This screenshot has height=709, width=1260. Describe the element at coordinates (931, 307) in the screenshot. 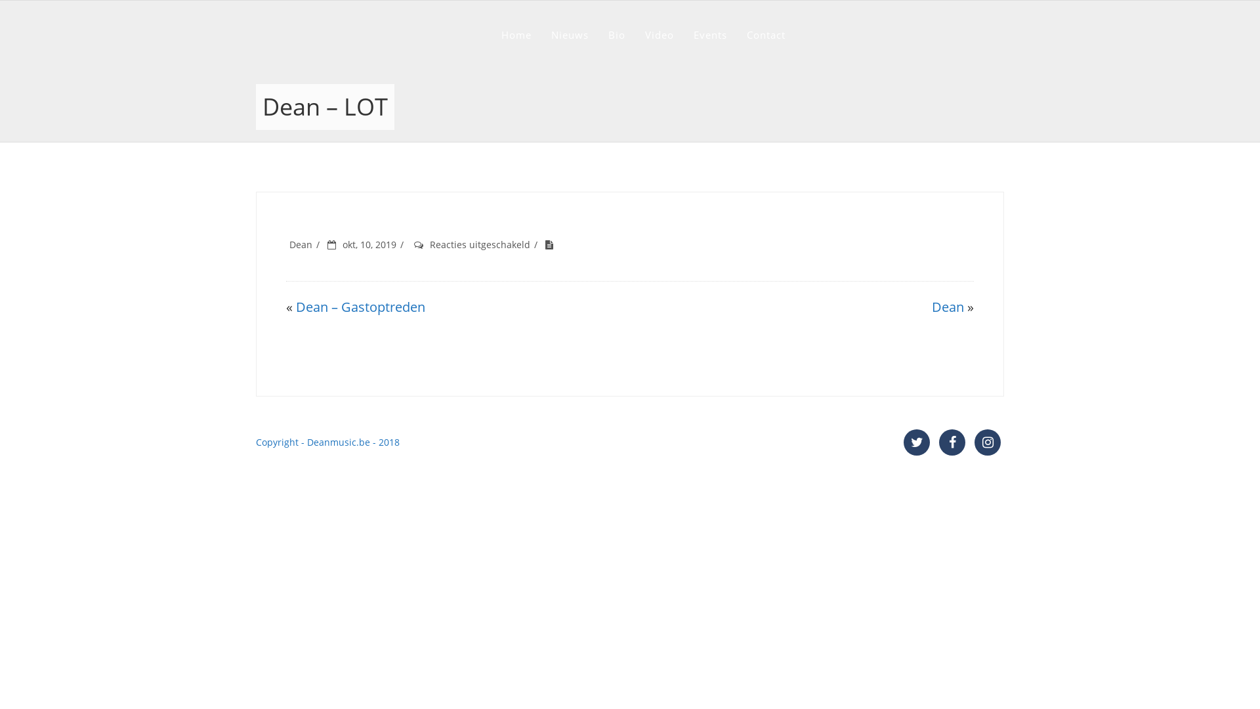

I see `'Dean'` at that location.